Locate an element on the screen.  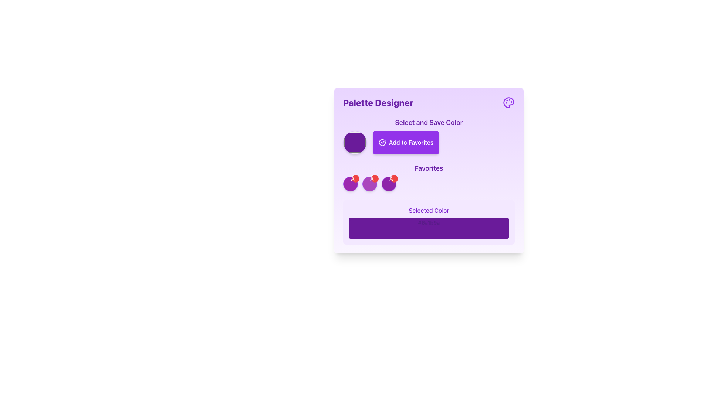
the dismiss or delete button located at the top-right corner of the second purple circular item is located at coordinates (393, 178).